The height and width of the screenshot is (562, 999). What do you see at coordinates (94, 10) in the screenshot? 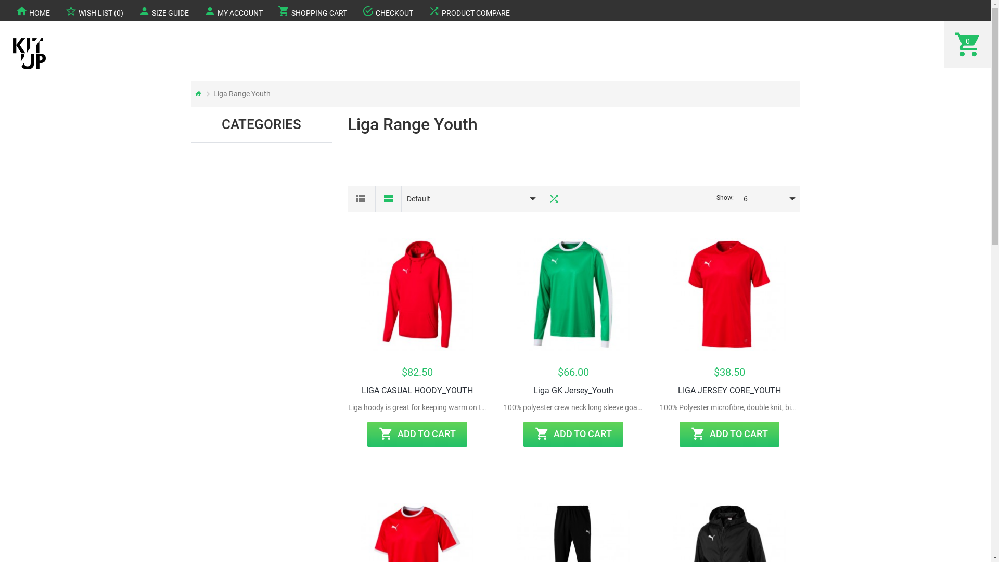
I see `'WISH LIST (0)'` at bounding box center [94, 10].